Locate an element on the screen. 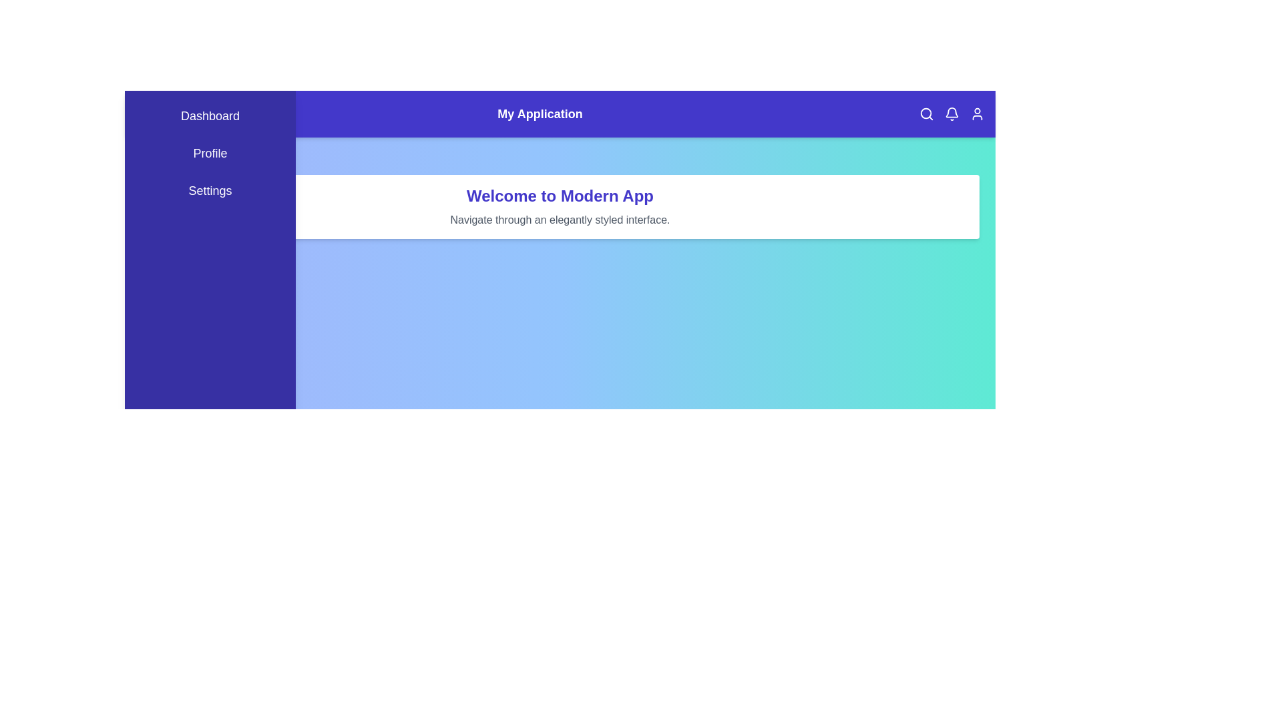 The height and width of the screenshot is (721, 1282). the text element Welcome to Modern App is located at coordinates (560, 196).